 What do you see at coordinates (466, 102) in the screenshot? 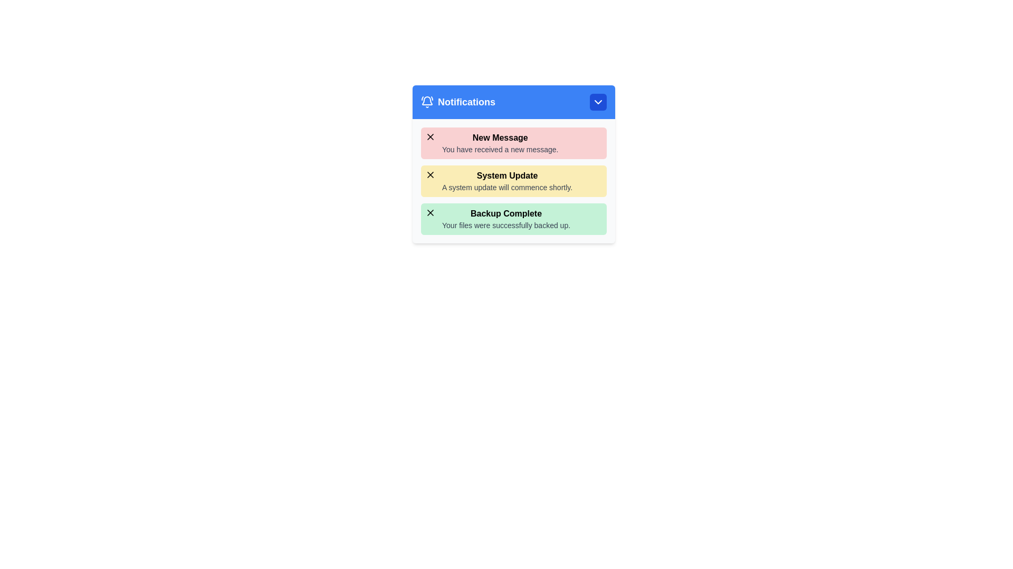
I see `the 'Notifications' text label located in the blue header bar, positioned to the right of the bell icon and to the left of a dropdown control arrow` at bounding box center [466, 102].